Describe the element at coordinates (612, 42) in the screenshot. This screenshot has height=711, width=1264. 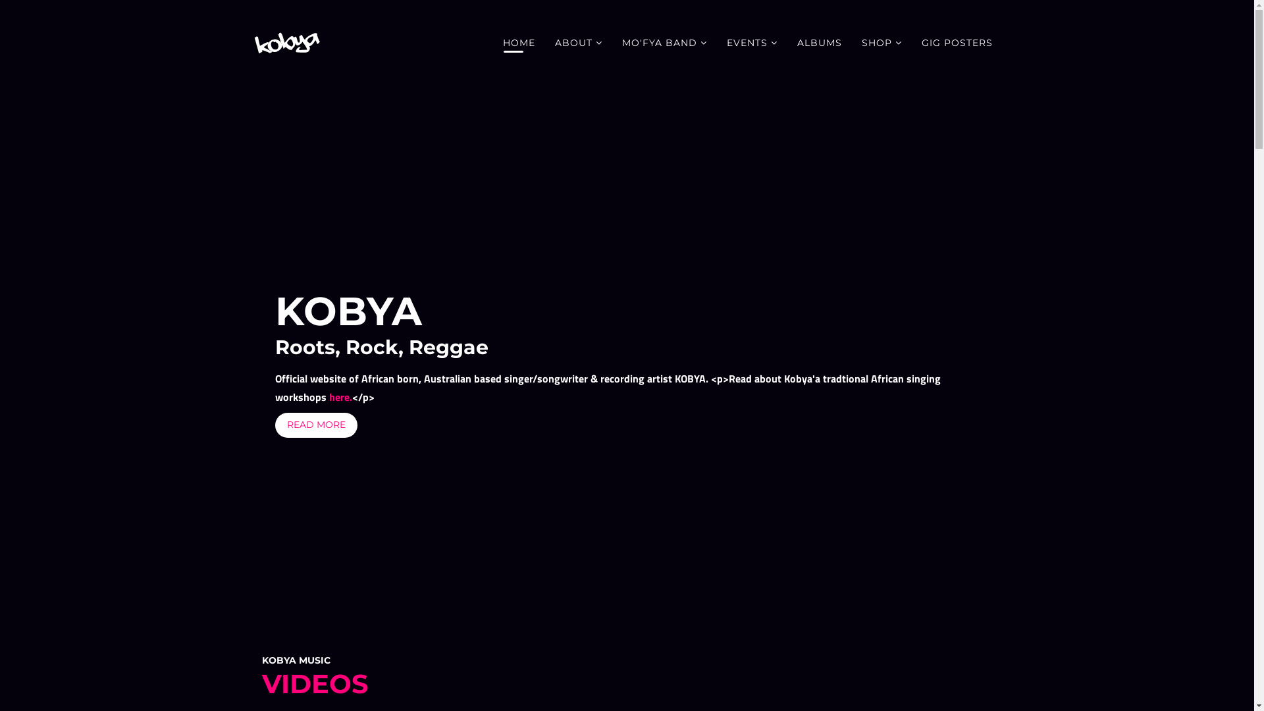
I see `'MO'FYA BAND'` at that location.